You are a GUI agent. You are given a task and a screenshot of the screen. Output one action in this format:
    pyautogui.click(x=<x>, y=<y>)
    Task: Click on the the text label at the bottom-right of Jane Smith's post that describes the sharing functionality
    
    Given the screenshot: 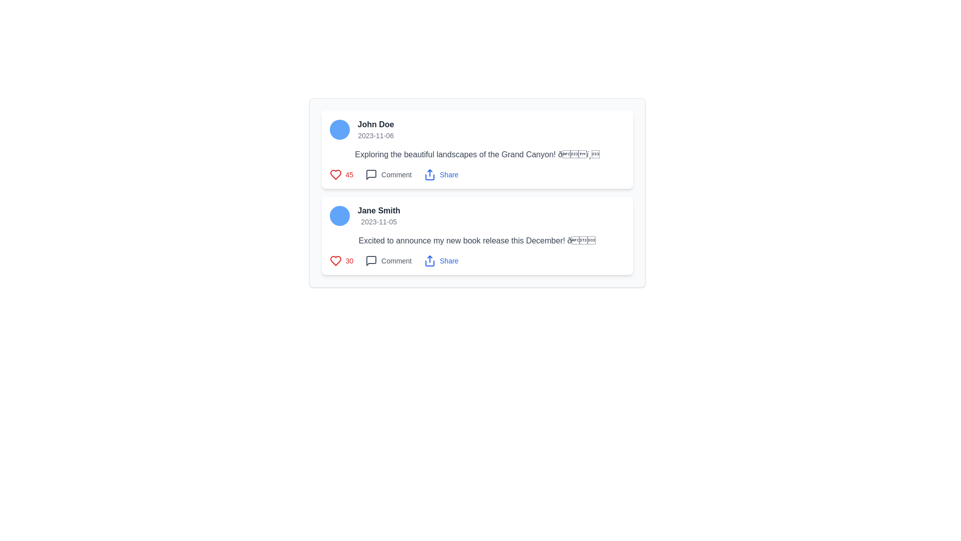 What is the action you would take?
    pyautogui.click(x=448, y=260)
    